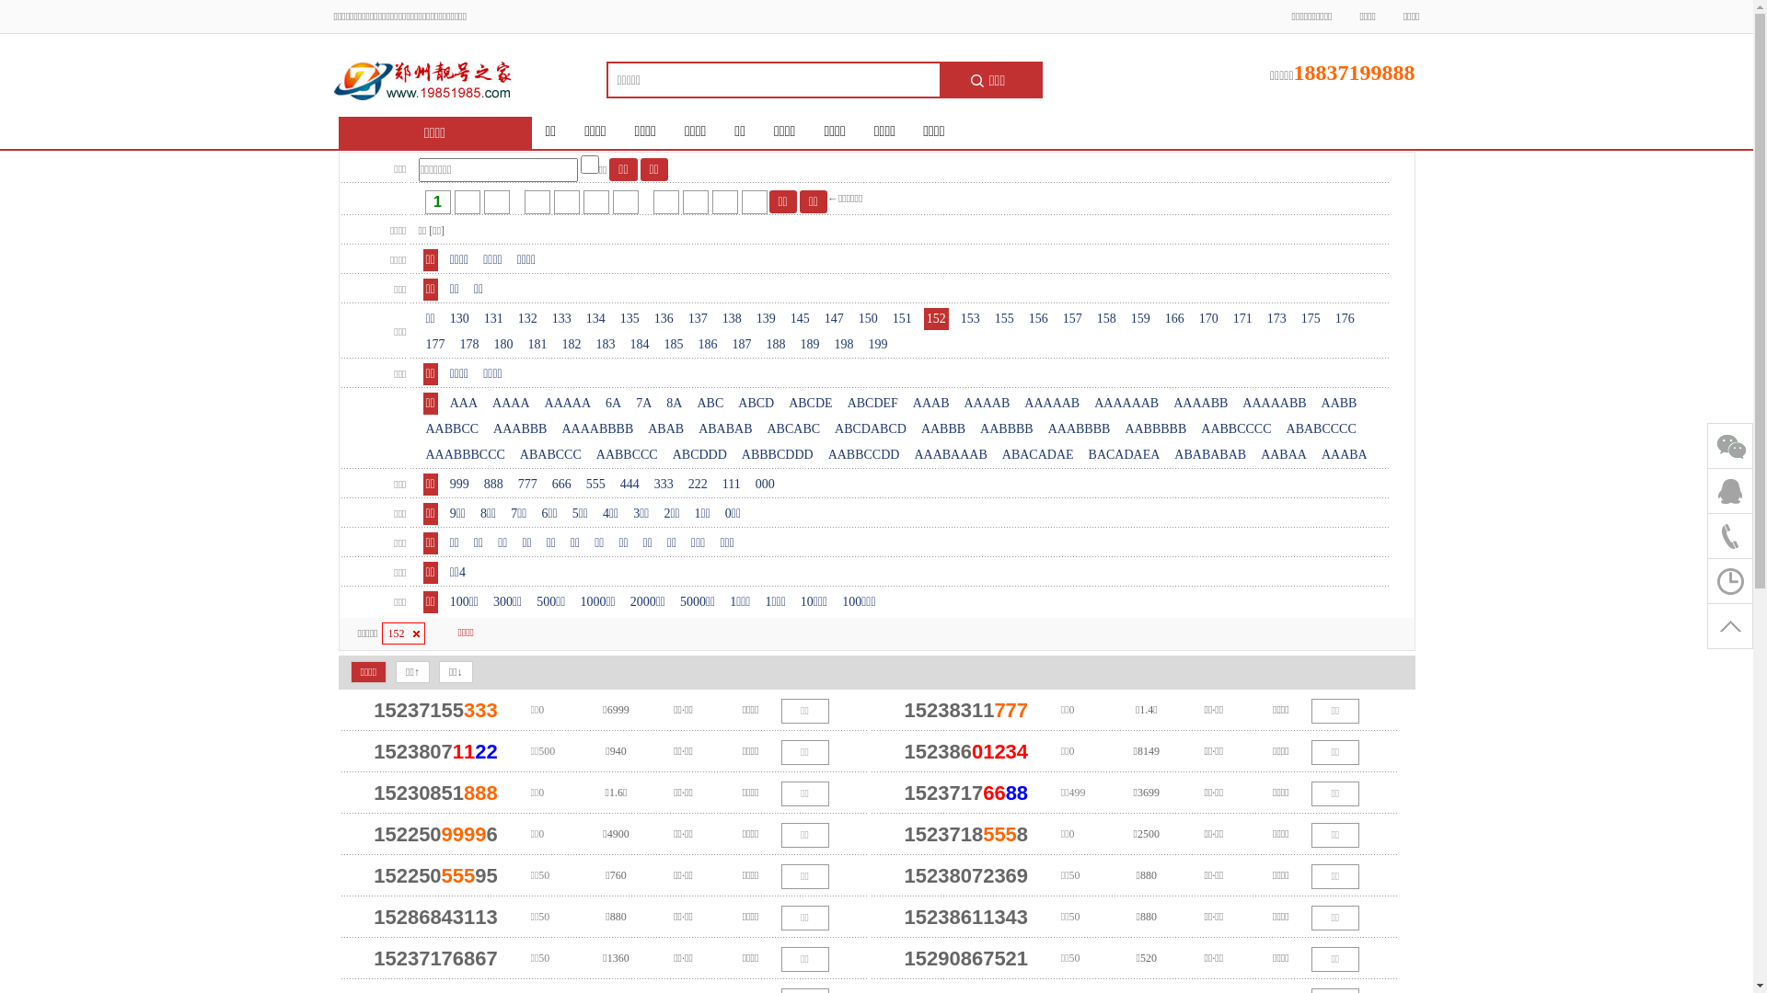 This screenshot has height=993, width=1767. What do you see at coordinates (481, 484) in the screenshot?
I see `'888'` at bounding box center [481, 484].